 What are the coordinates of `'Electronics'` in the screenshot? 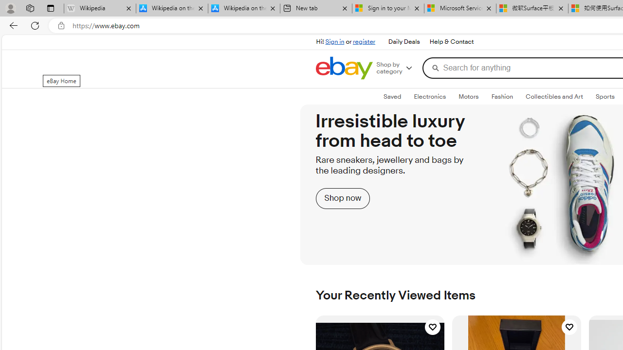 It's located at (429, 97).